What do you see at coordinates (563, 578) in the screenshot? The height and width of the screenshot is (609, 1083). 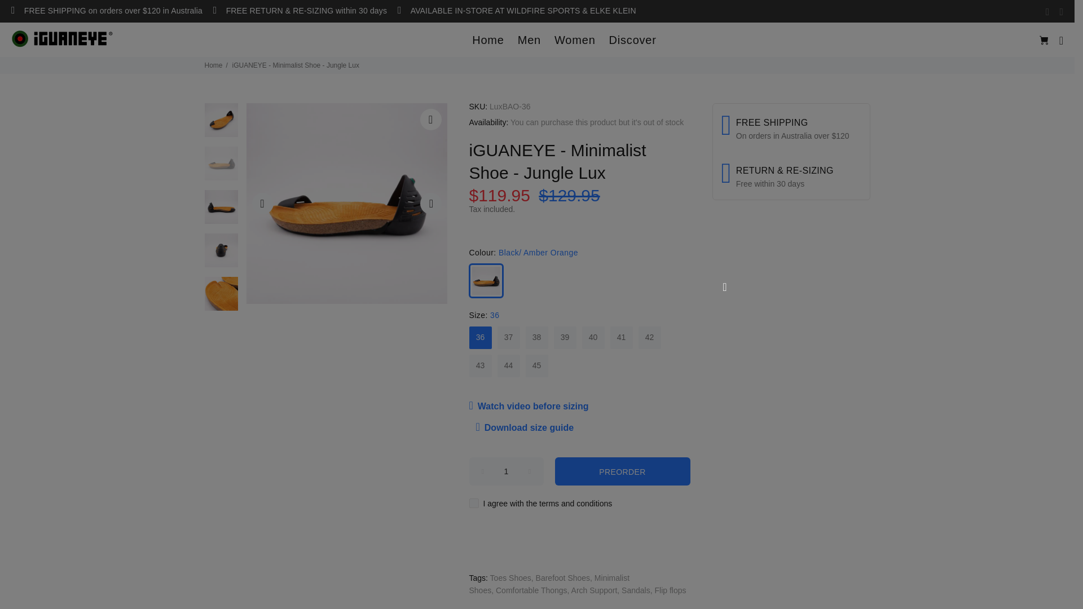 I see `'Barefoot Shoes'` at bounding box center [563, 578].